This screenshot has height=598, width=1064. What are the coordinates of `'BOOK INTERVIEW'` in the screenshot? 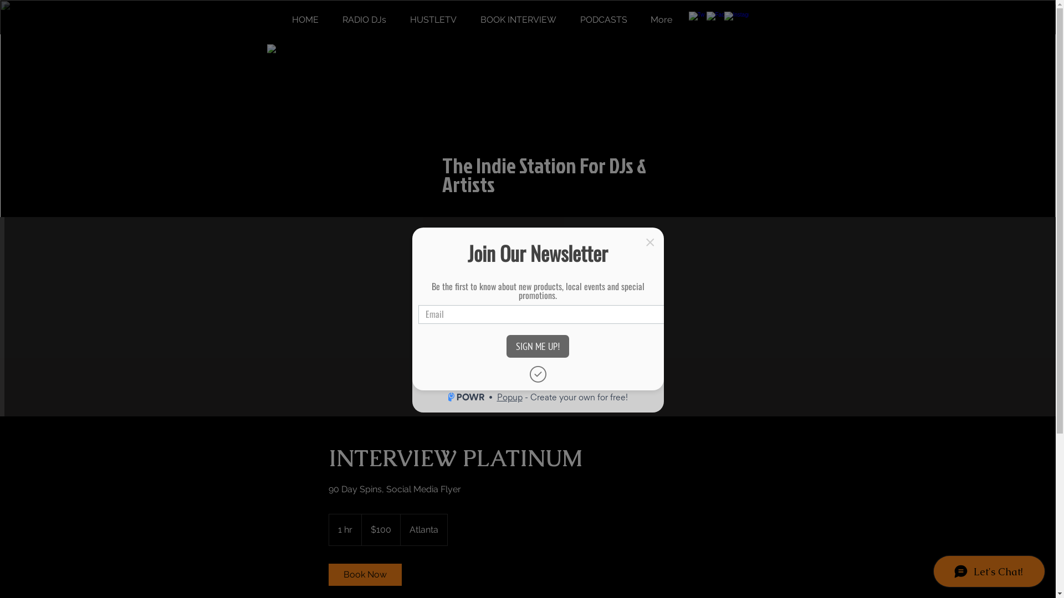 It's located at (518, 19).